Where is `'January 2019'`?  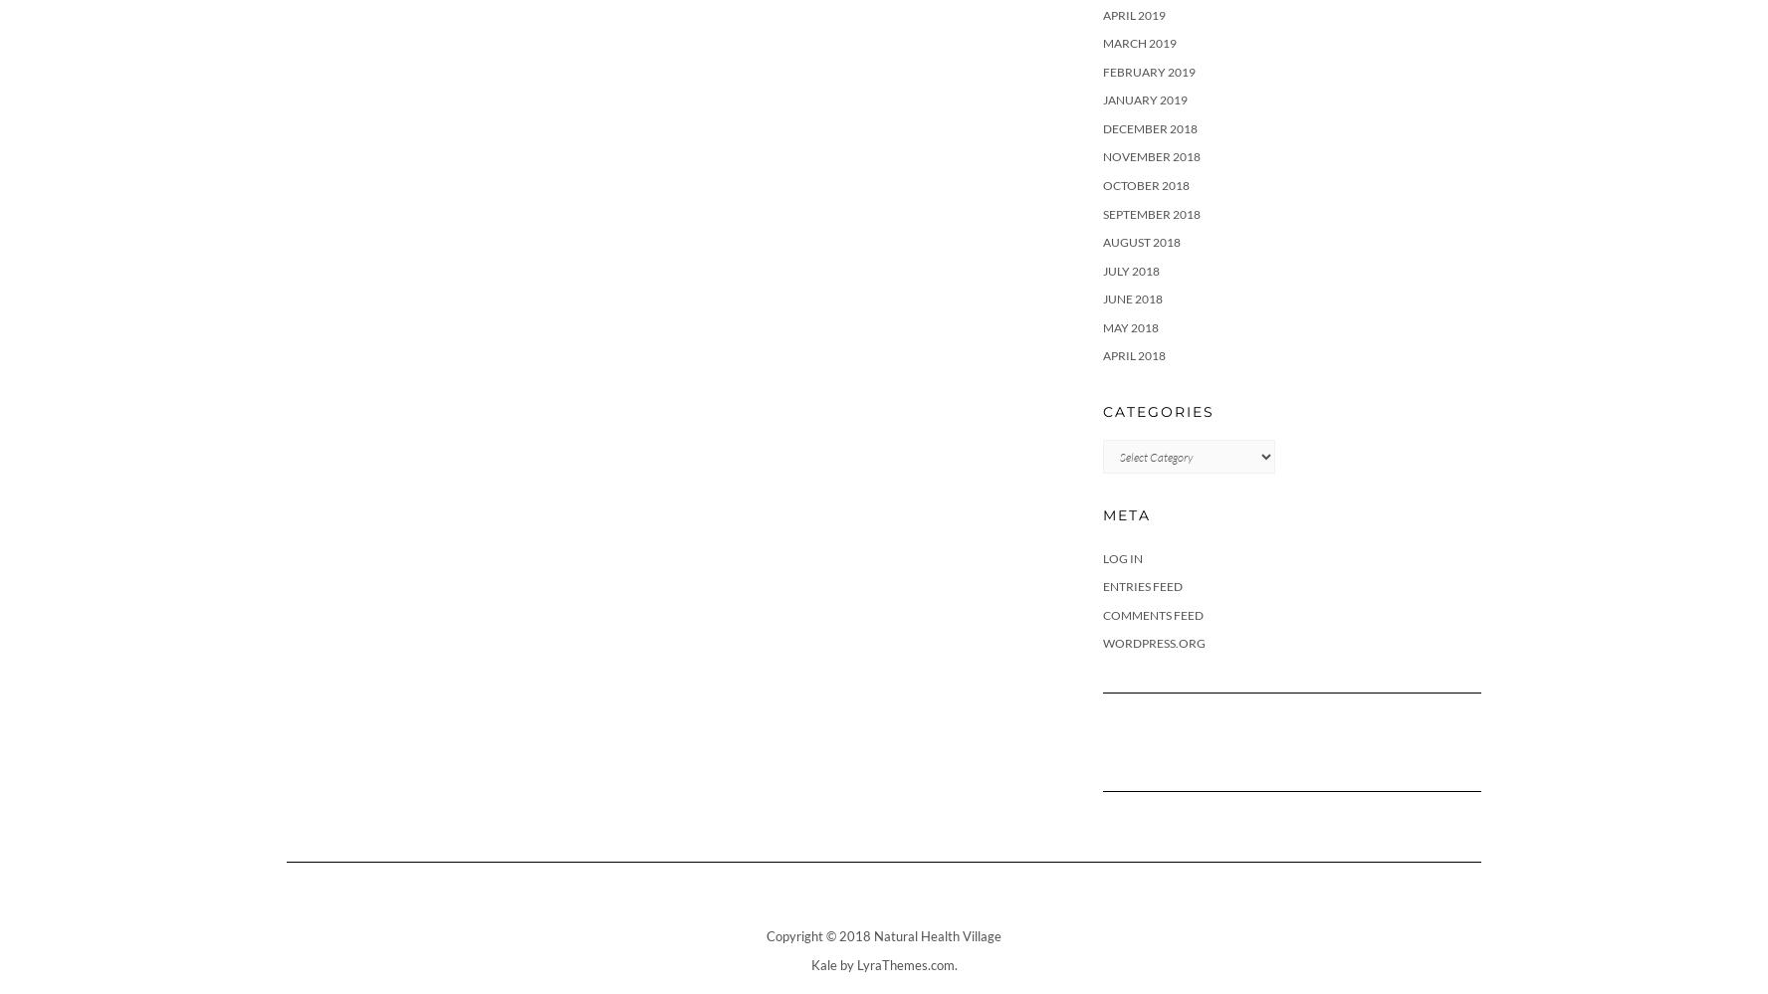 'January 2019' is located at coordinates (1145, 99).